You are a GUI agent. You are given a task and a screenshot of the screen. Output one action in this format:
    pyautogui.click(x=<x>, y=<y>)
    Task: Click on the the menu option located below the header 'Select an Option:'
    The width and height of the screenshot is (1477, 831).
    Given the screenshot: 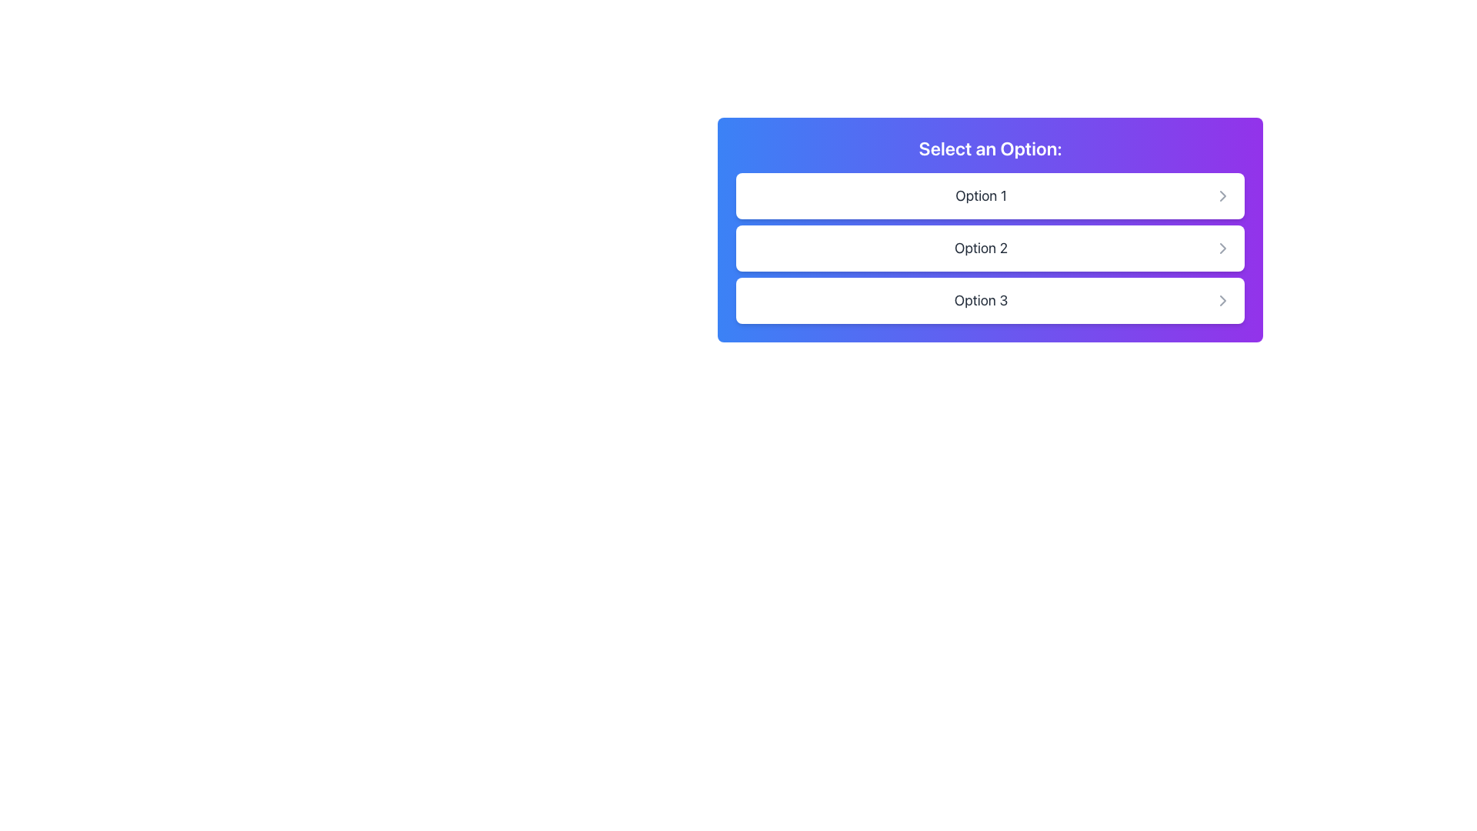 What is the action you would take?
    pyautogui.click(x=990, y=248)
    